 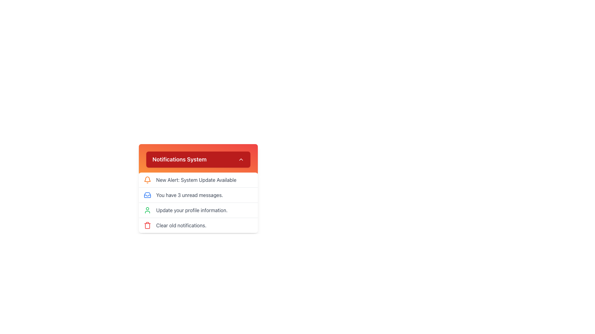 I want to click on the static notification text element displaying 'You have 3 unread messages.' which is the second item in the notification list, so click(x=198, y=195).